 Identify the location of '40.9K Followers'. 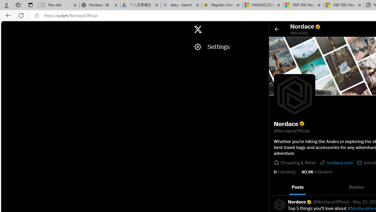
(316, 172).